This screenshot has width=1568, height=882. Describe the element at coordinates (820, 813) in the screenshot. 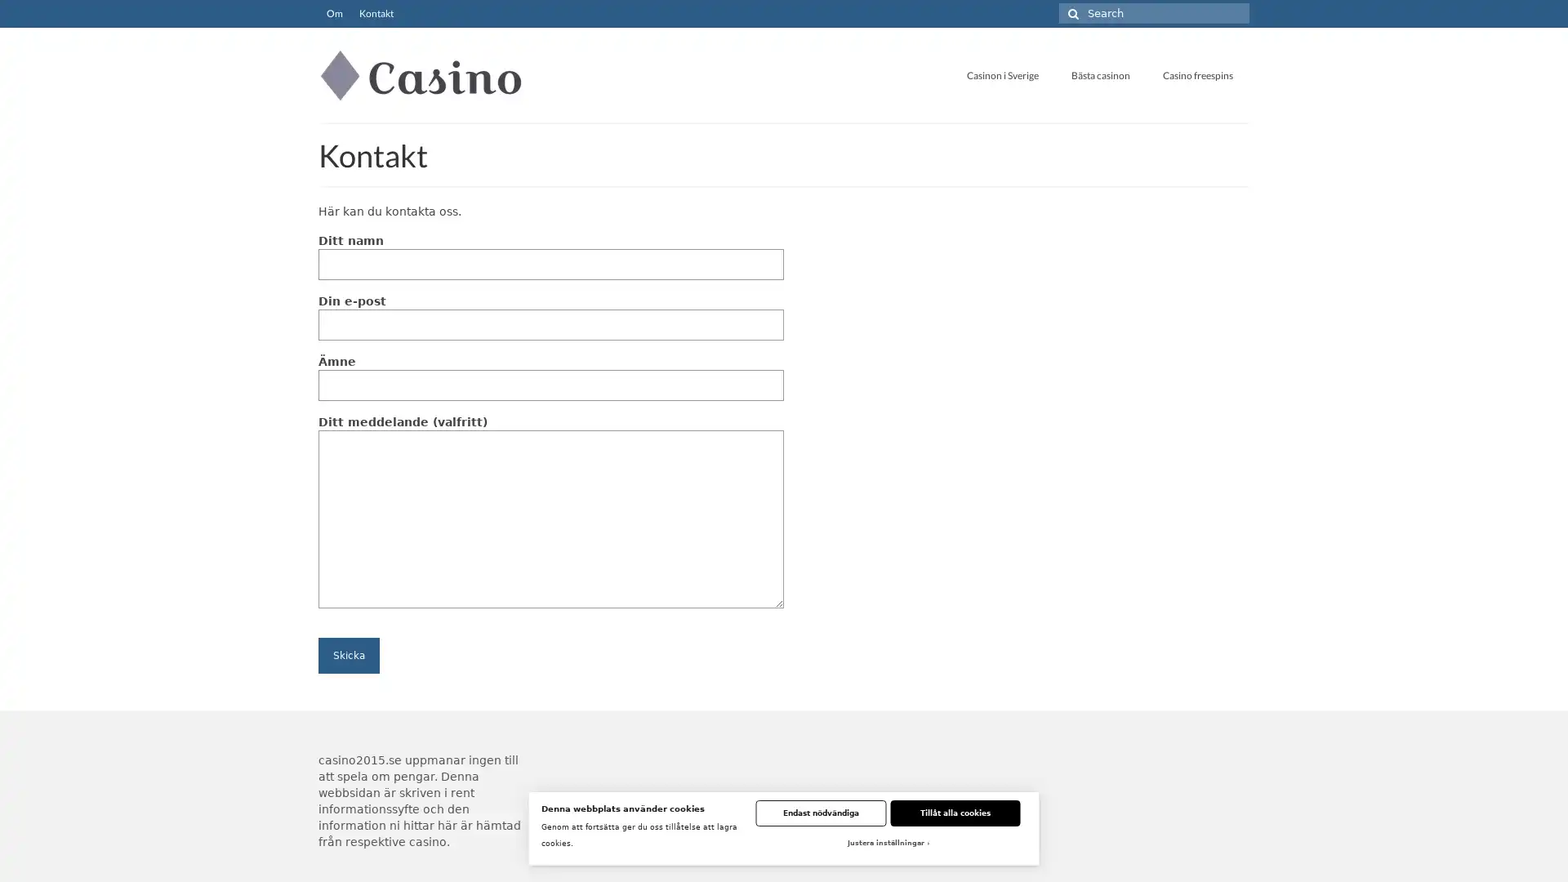

I see `Endast nodvandiga` at that location.